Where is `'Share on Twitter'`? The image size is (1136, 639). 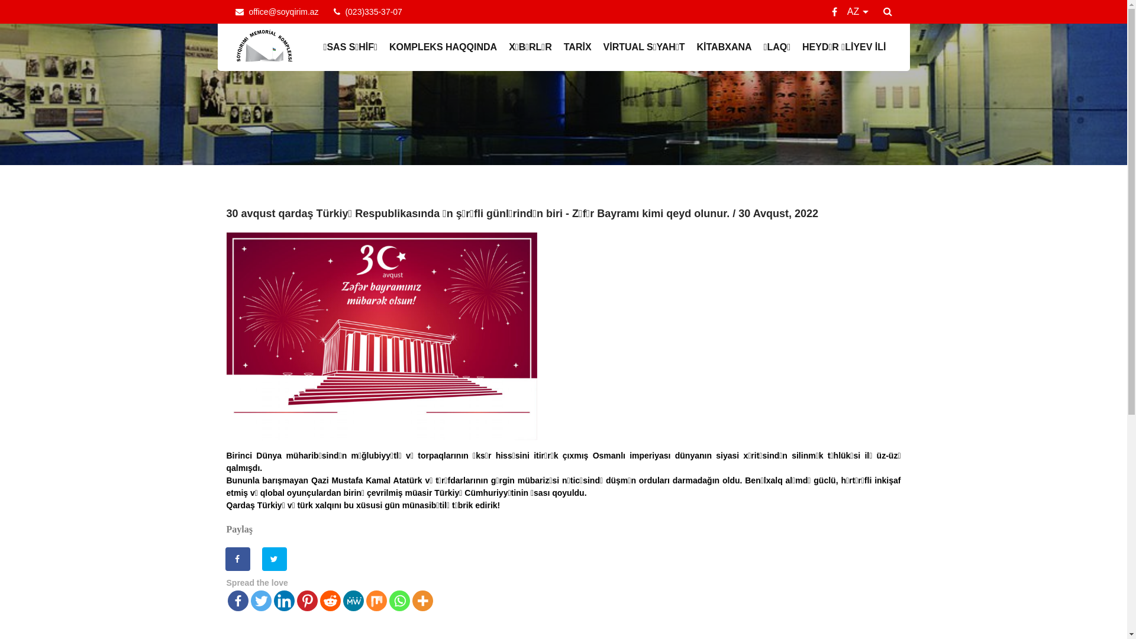 'Share on Twitter' is located at coordinates (275, 559).